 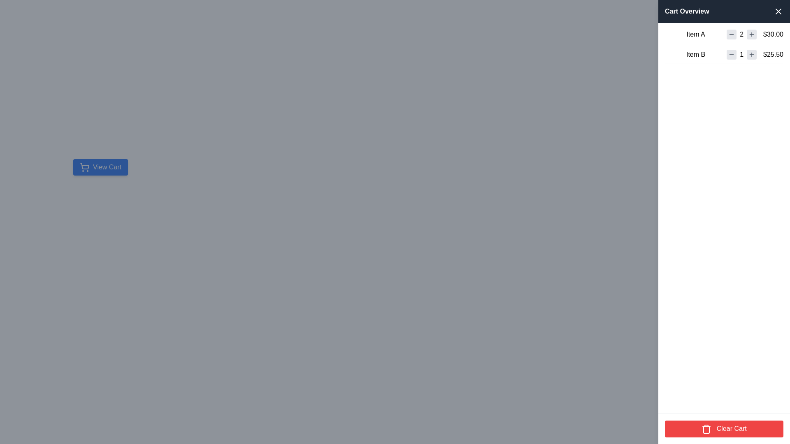 What do you see at coordinates (741, 54) in the screenshot?
I see `the numerical label displaying the value '1' that is located between the '-' and '+' buttons for 'Item B' in the cart overview section` at bounding box center [741, 54].